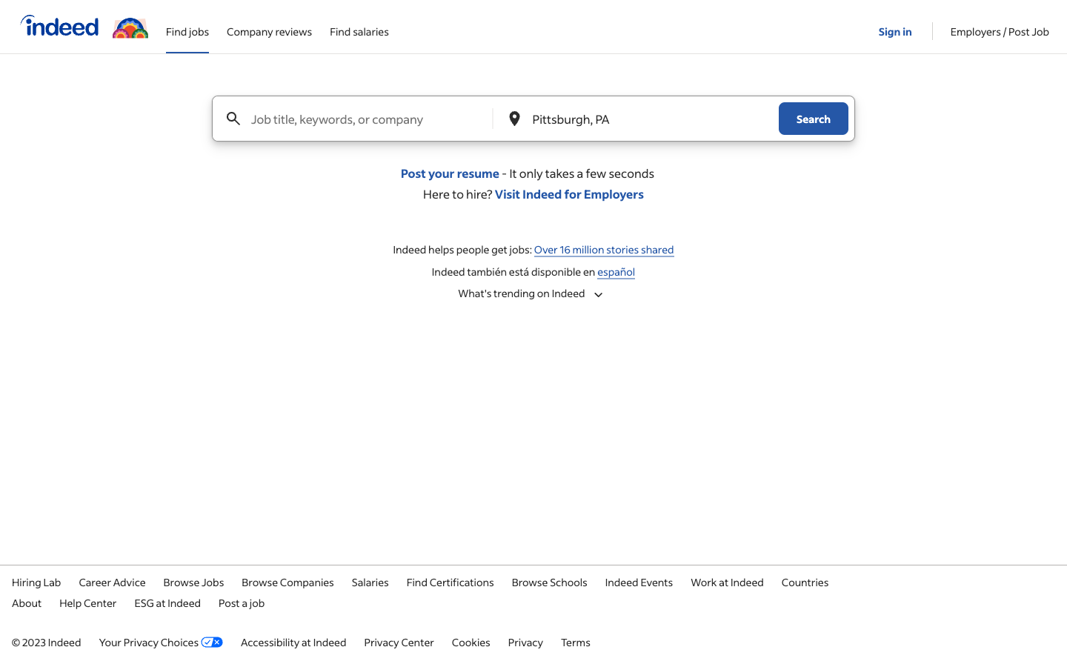 Image resolution: width=1067 pixels, height=667 pixels. Describe the element at coordinates (533, 293) in the screenshot. I see `Locate the popular jobs section on Indeed` at that location.